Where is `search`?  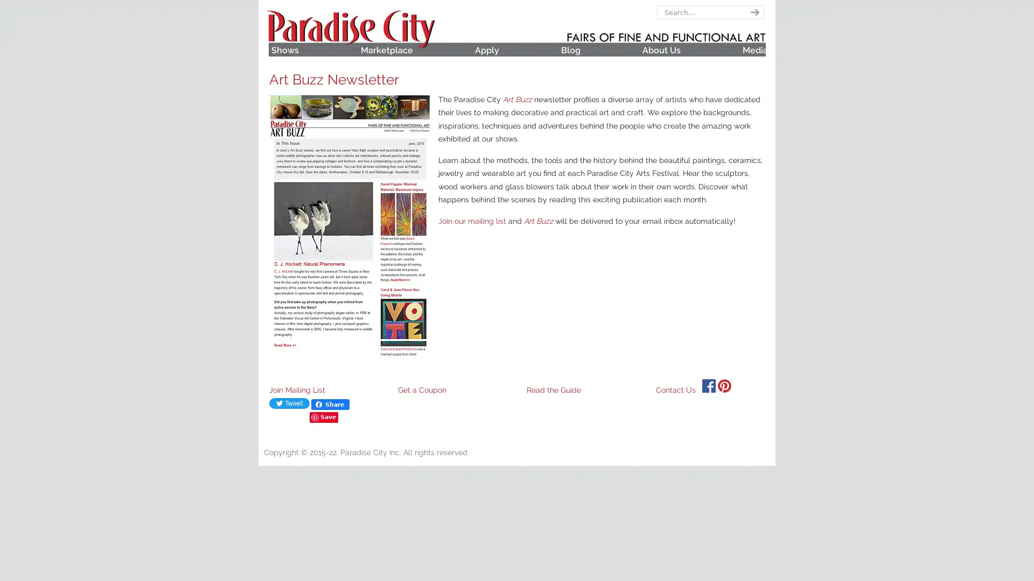 search is located at coordinates (752, 12).